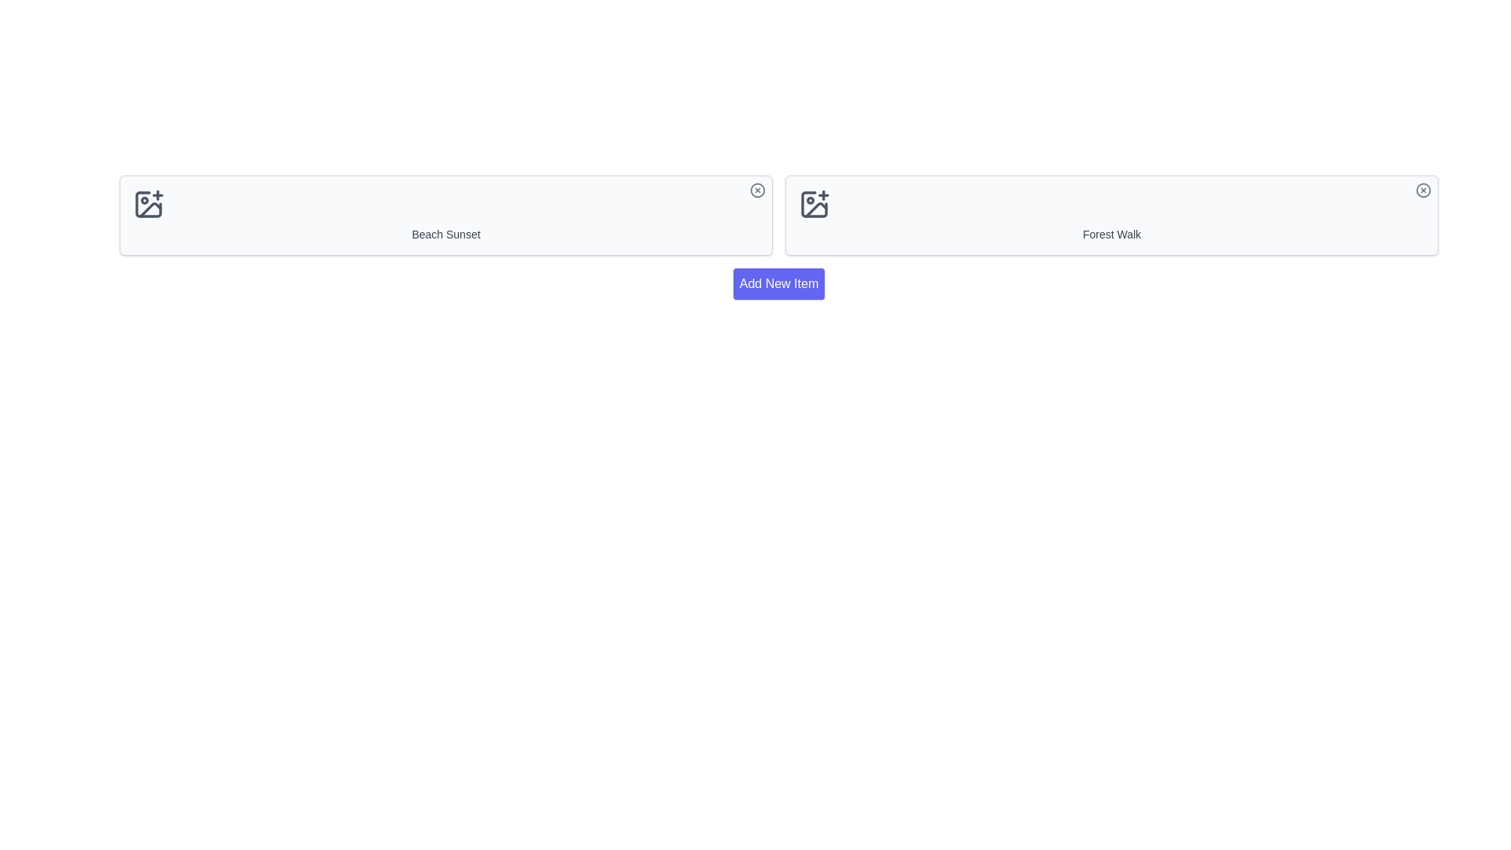  Describe the element at coordinates (815, 203) in the screenshot. I see `the image icon located in the top-left corner of the 'Forest Walk' card` at that location.